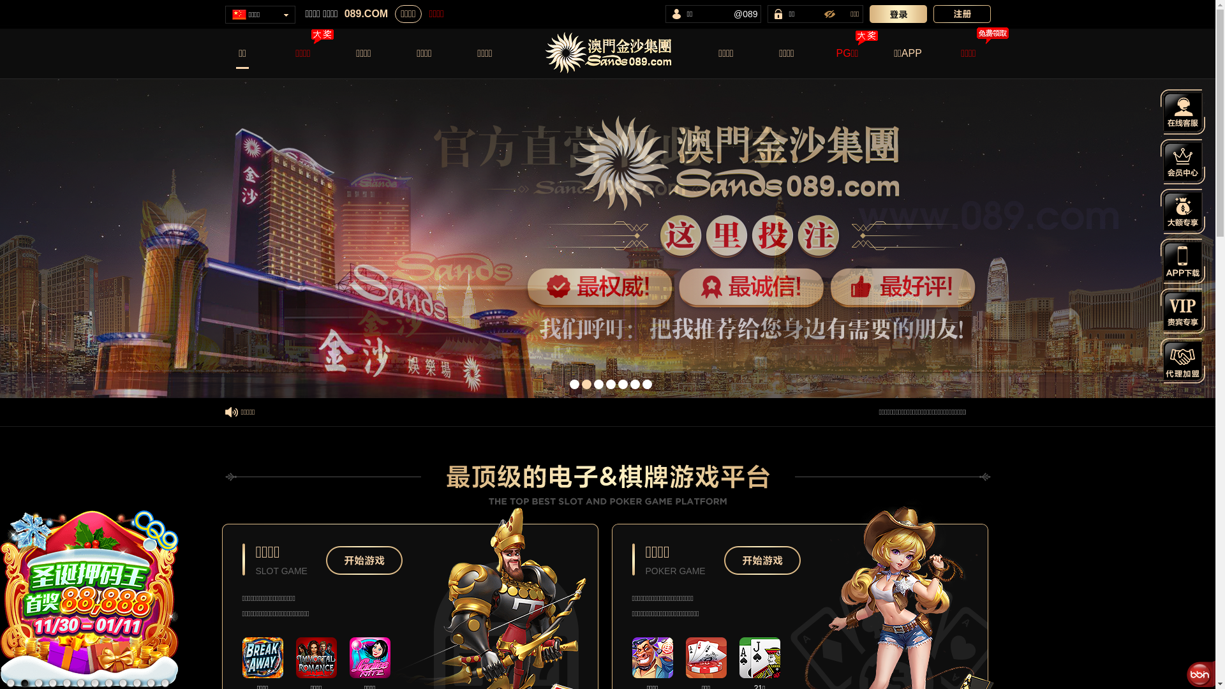 The height and width of the screenshot is (689, 1225). I want to click on '089.COM', so click(344, 14).